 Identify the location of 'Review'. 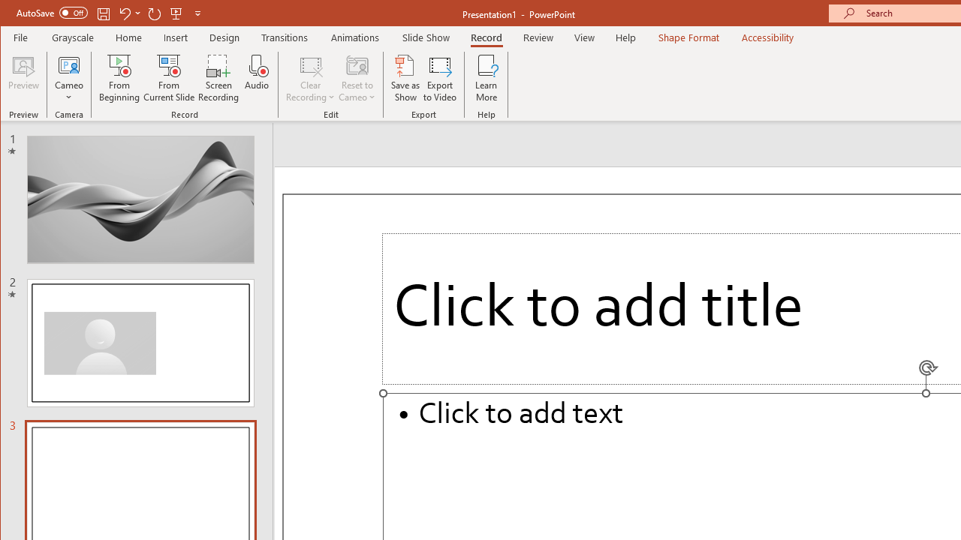
(538, 37).